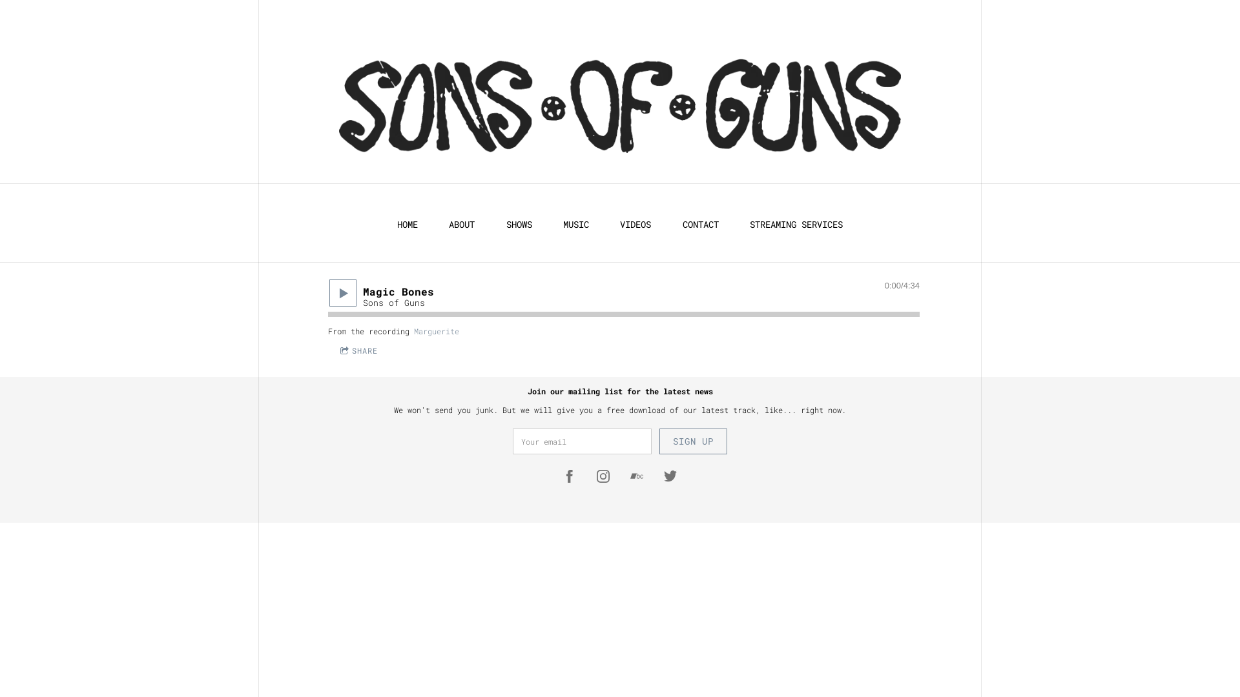 The image size is (1240, 697). I want to click on 'SHOWS', so click(505, 223).